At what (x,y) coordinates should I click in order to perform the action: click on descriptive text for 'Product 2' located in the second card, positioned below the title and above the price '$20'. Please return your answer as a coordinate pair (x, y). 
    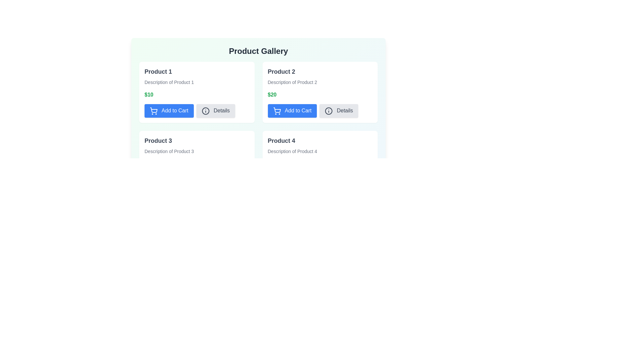
    Looking at the image, I should click on (292, 82).